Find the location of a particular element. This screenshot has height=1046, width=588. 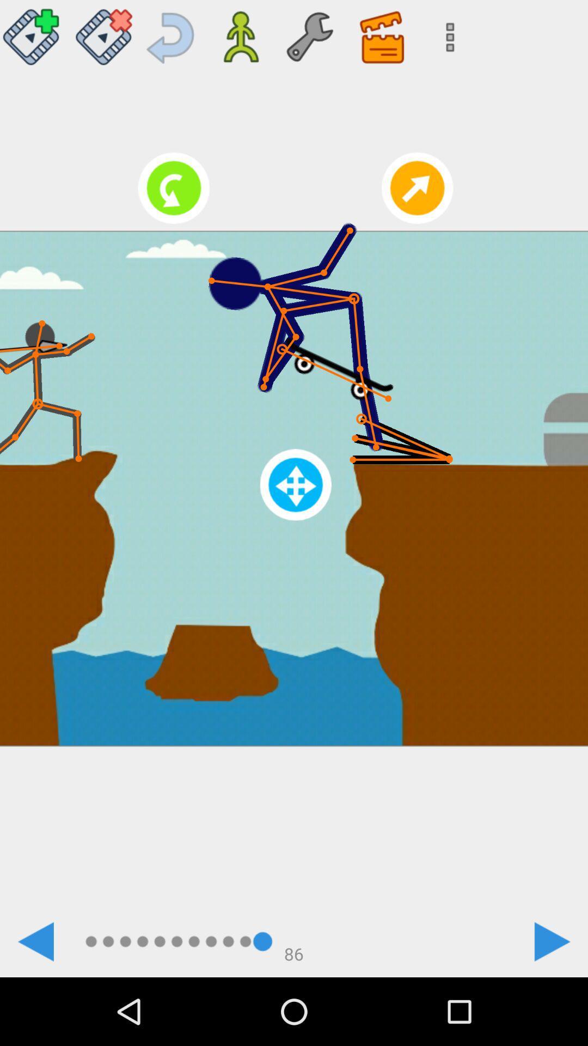

open tools is located at coordinates (309, 33).